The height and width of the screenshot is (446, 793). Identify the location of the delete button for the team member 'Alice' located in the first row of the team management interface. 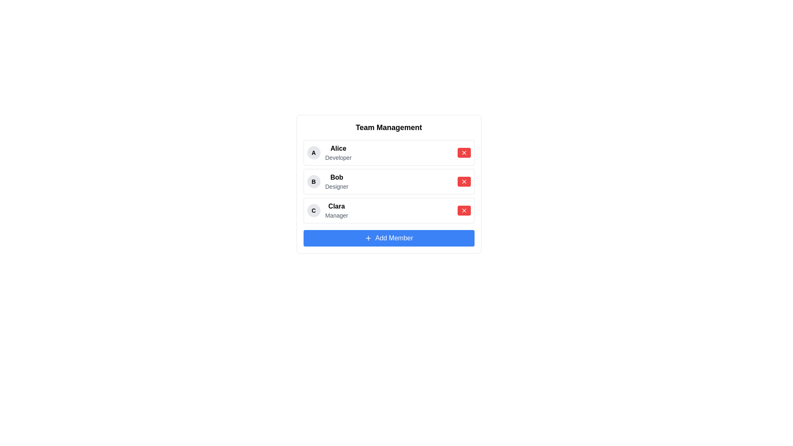
(464, 153).